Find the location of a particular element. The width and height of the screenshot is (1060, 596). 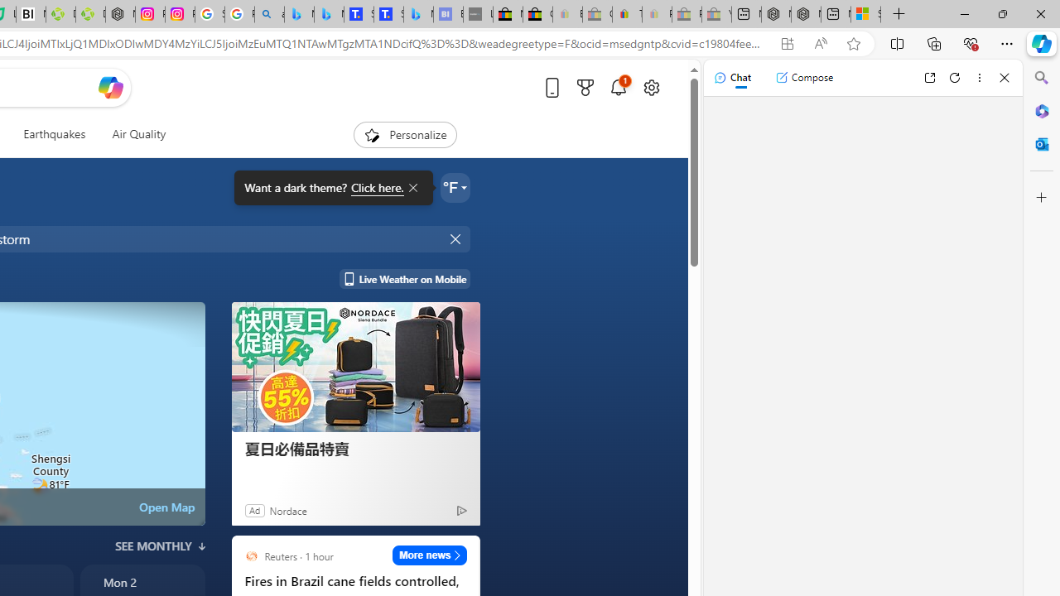

'Microsoft Bing Travel - Flights from Hong Kong to Bangkok' is located at coordinates (299, 14).